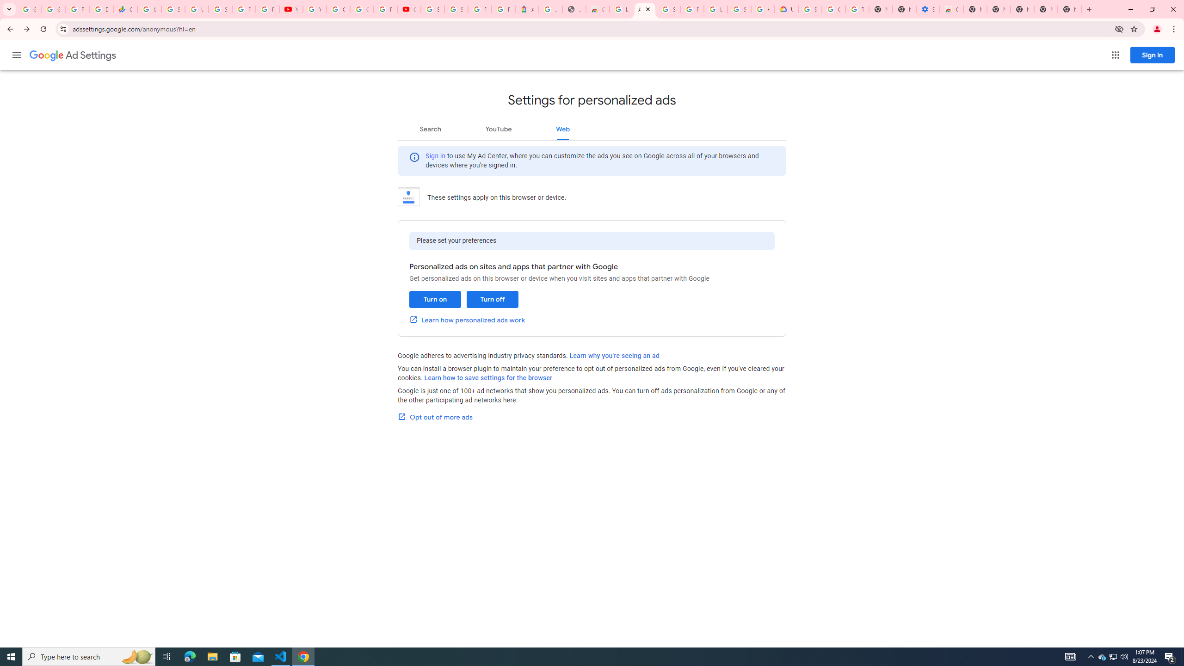 Image resolution: width=1184 pixels, height=666 pixels. Describe the element at coordinates (597, 9) in the screenshot. I see `'Chrome Web Store - Household'` at that location.